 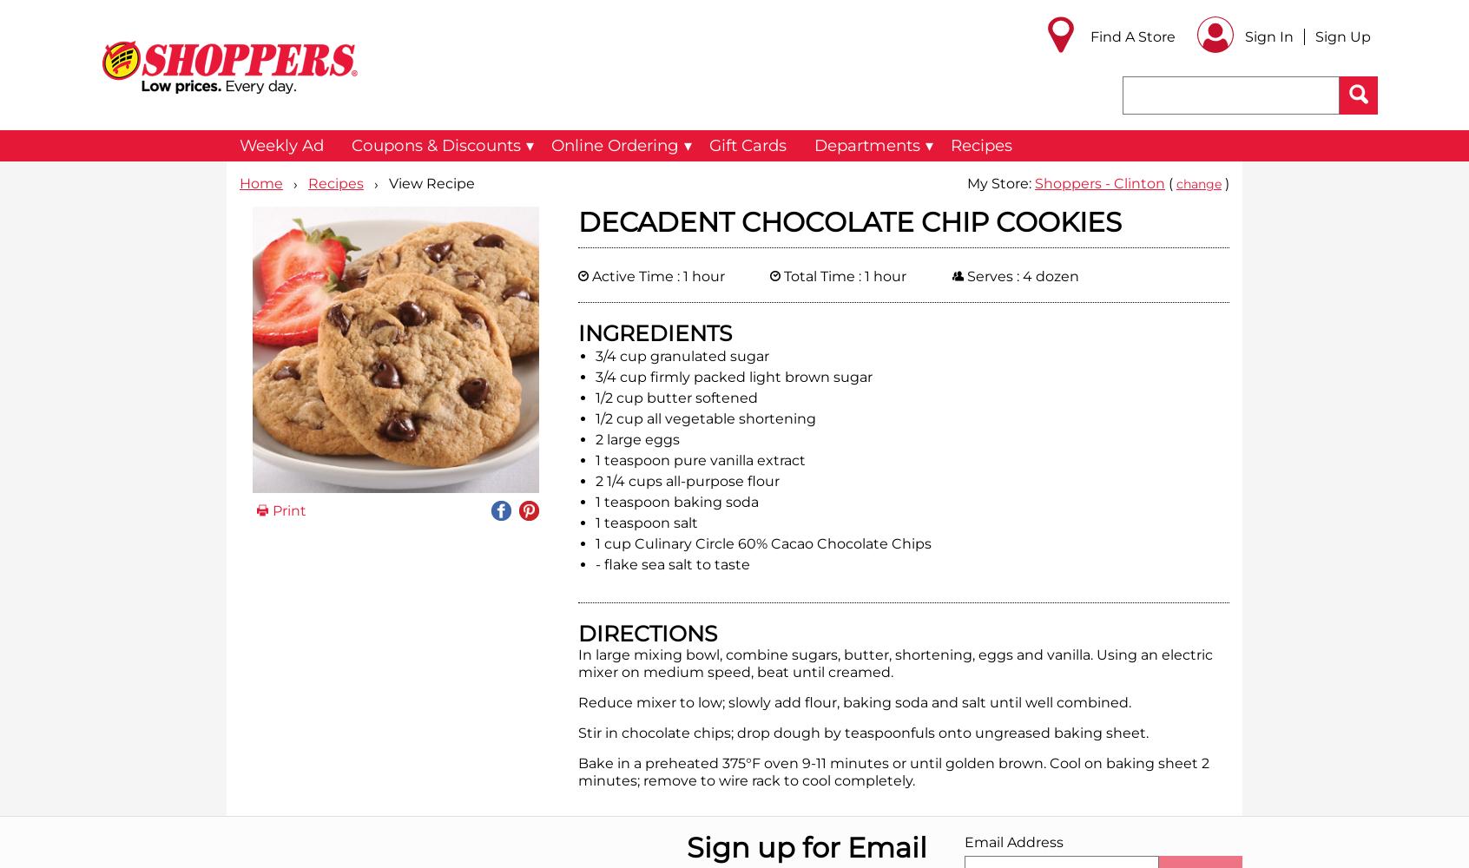 I want to click on 'Weekly Ad', so click(x=280, y=145).